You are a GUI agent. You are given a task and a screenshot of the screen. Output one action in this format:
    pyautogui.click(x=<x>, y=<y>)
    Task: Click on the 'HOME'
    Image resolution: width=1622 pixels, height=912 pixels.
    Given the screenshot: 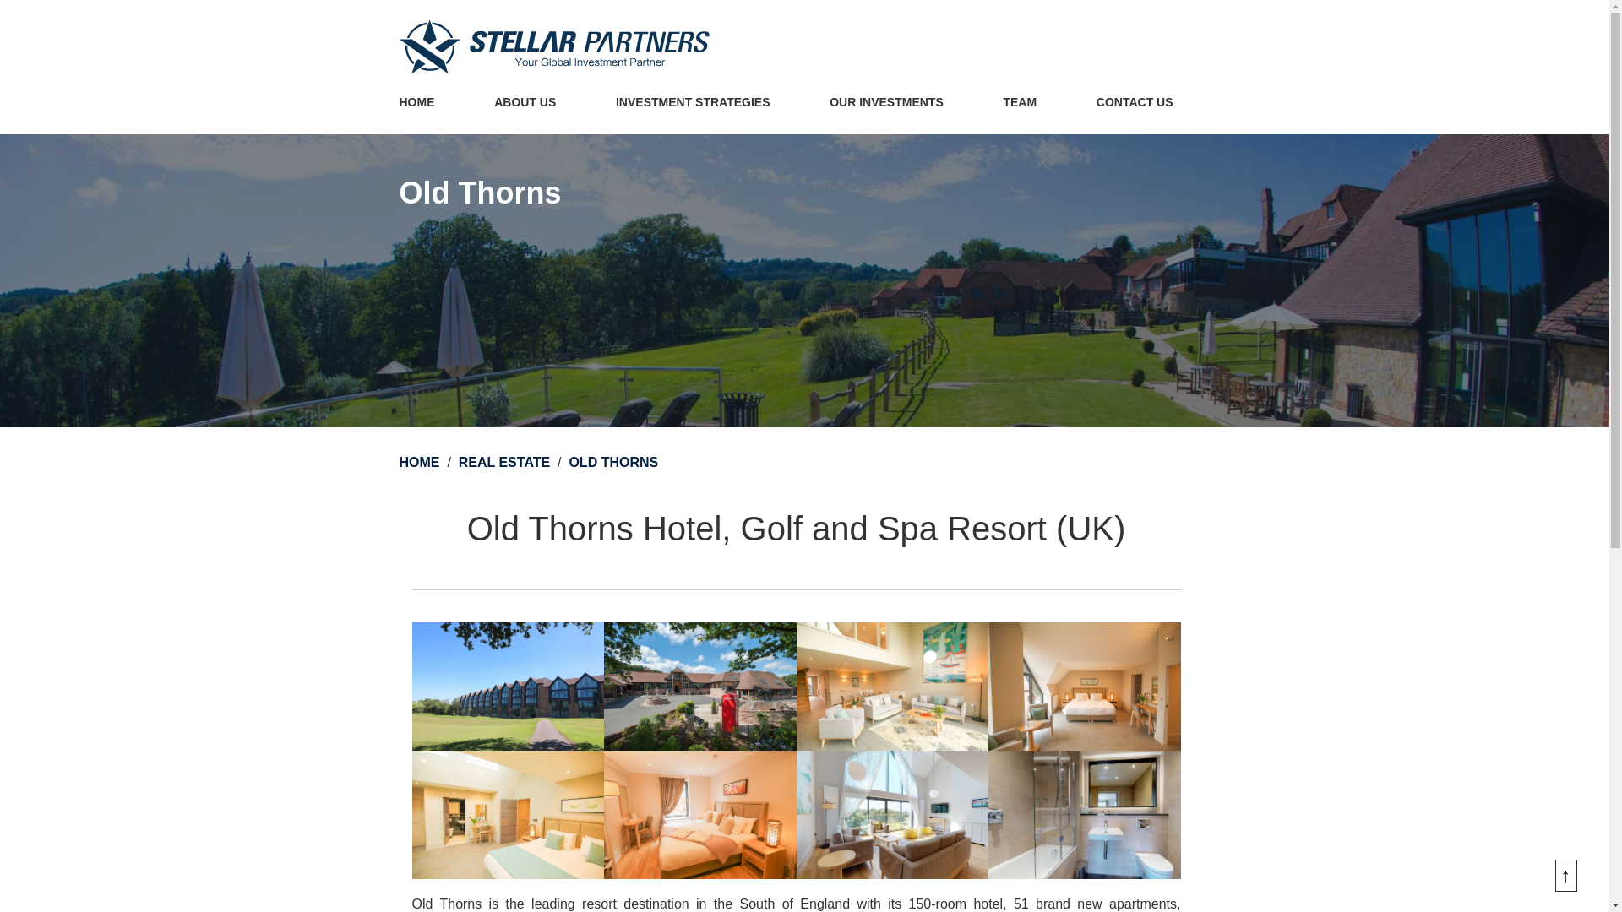 What is the action you would take?
    pyautogui.click(x=397, y=103)
    